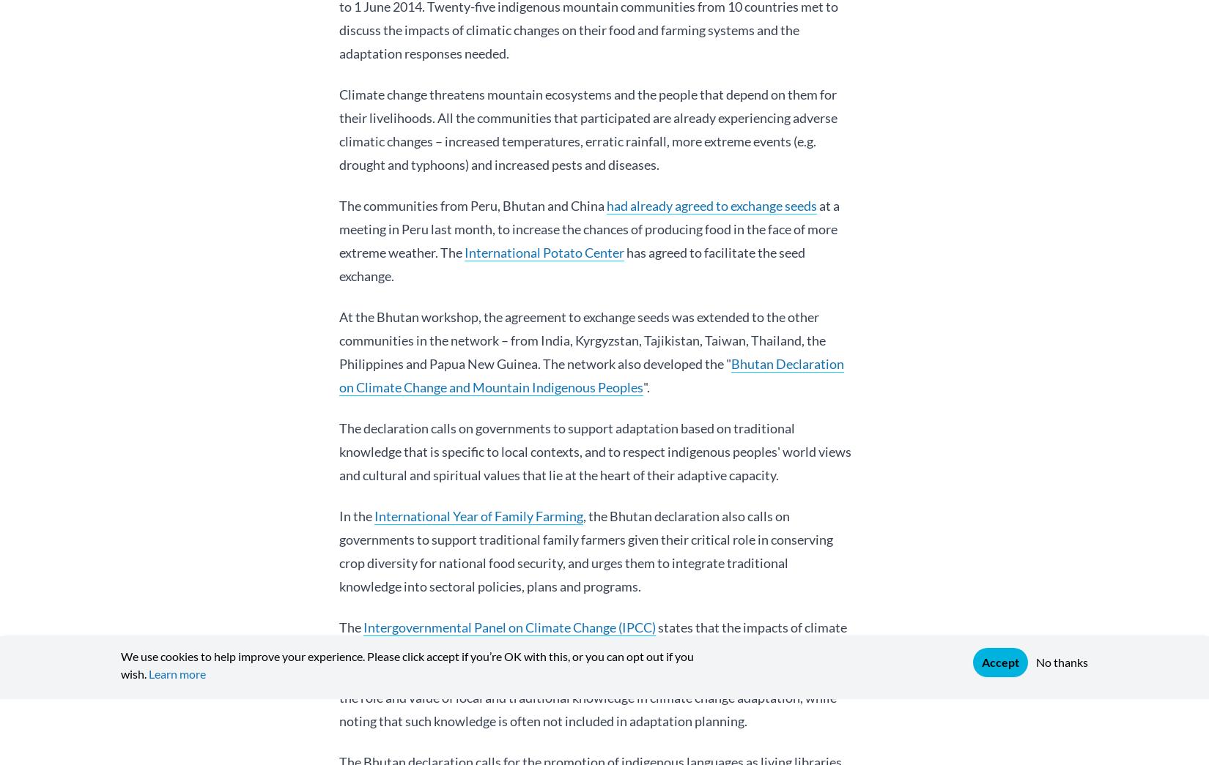  Describe the element at coordinates (999, 662) in the screenshot. I see `'Accept'` at that location.